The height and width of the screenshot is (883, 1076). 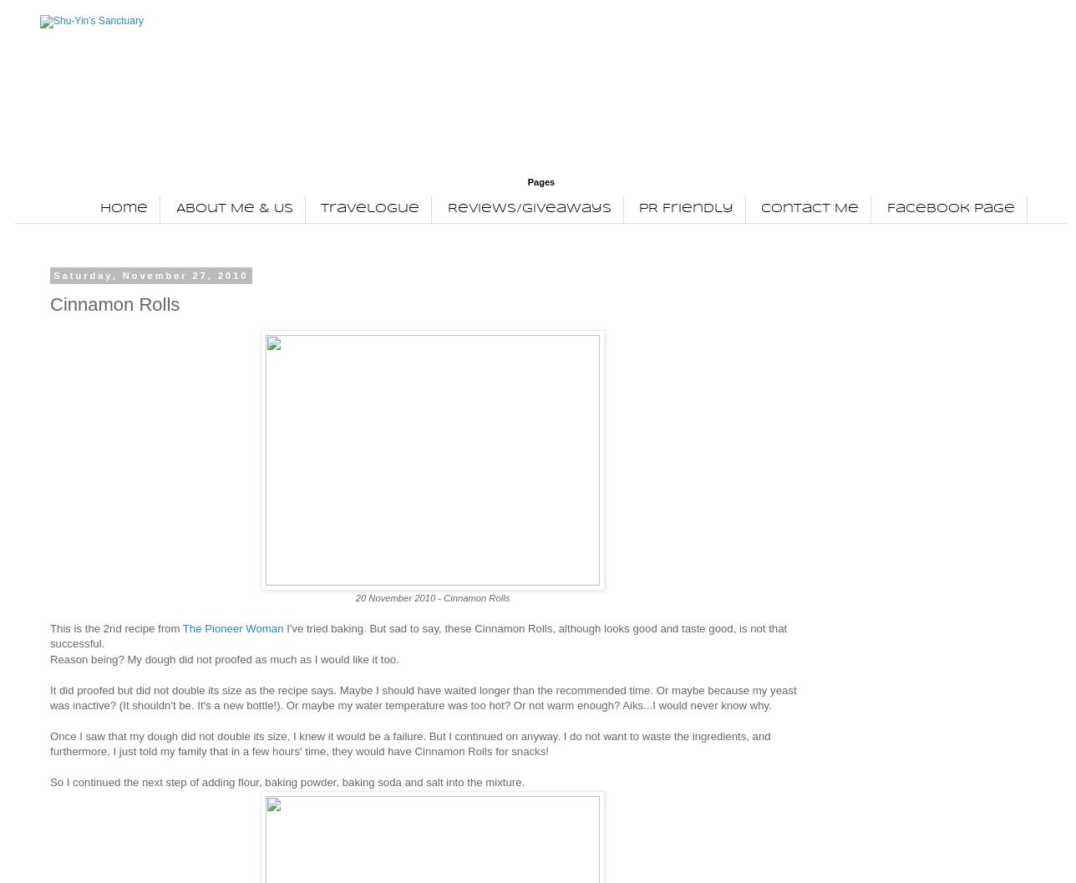 What do you see at coordinates (50, 627) in the screenshot?
I see `'This is the 2nd recipe from'` at bounding box center [50, 627].